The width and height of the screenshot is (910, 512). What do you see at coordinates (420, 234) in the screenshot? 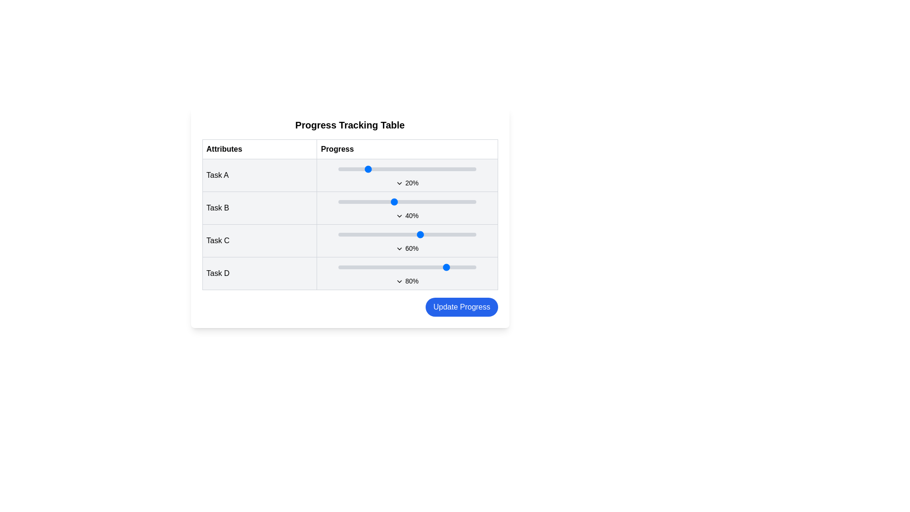
I see `the progress for Task C` at bounding box center [420, 234].